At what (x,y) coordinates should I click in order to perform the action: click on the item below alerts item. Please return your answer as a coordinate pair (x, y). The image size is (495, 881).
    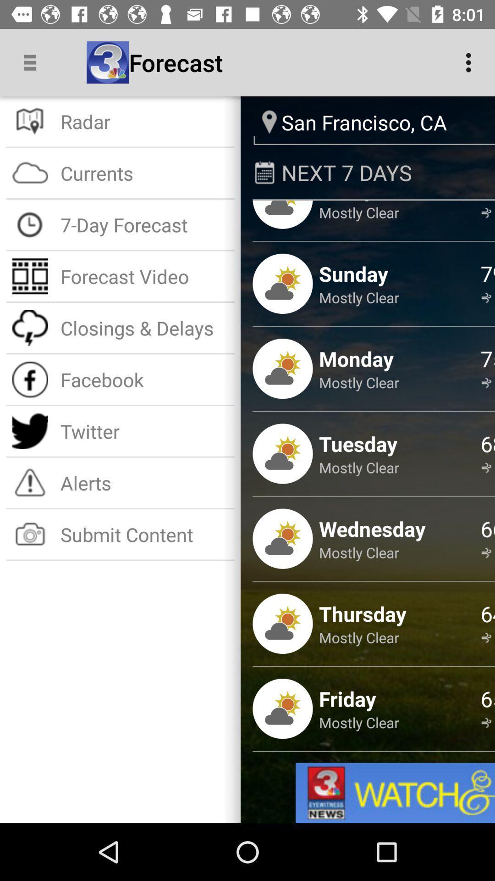
    Looking at the image, I should click on (144, 534).